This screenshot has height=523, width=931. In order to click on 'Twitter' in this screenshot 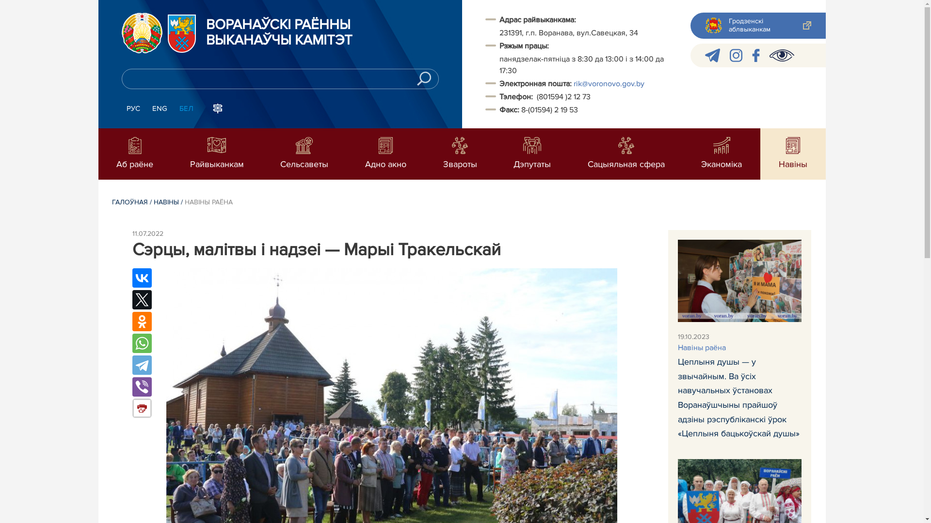, I will do `click(141, 299)`.